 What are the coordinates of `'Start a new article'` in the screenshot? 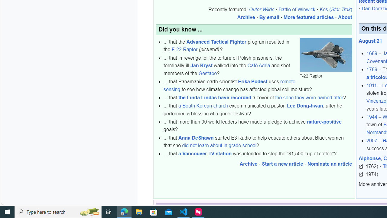 It's located at (282, 164).